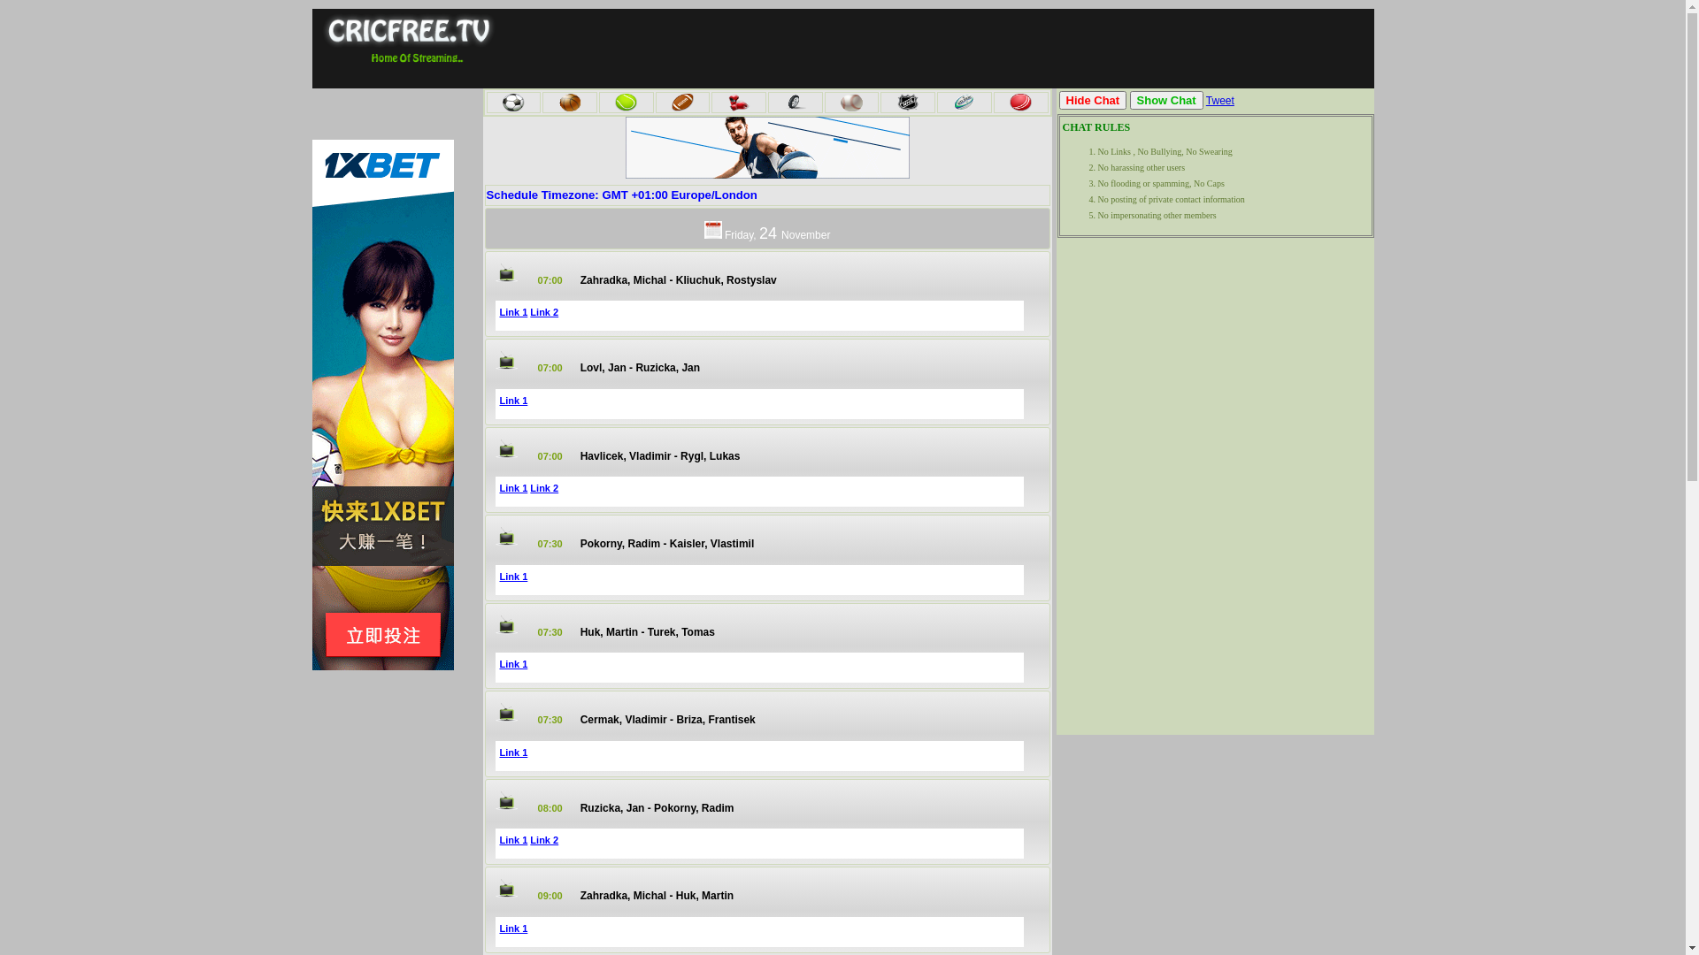 The height and width of the screenshot is (955, 1699). I want to click on 'Ruzicka, Jan - Pokorny, Radim', so click(657, 808).